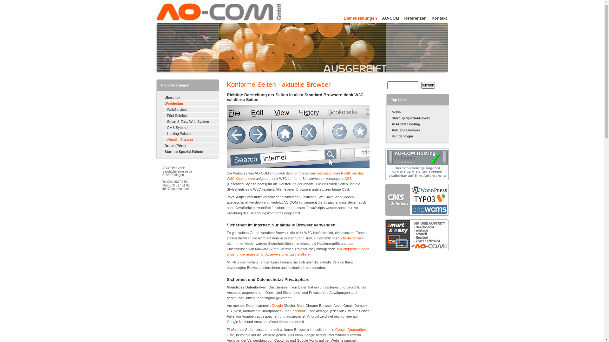 The image size is (609, 342). I want to click on 'Smart & Easy Web System', so click(190, 122).